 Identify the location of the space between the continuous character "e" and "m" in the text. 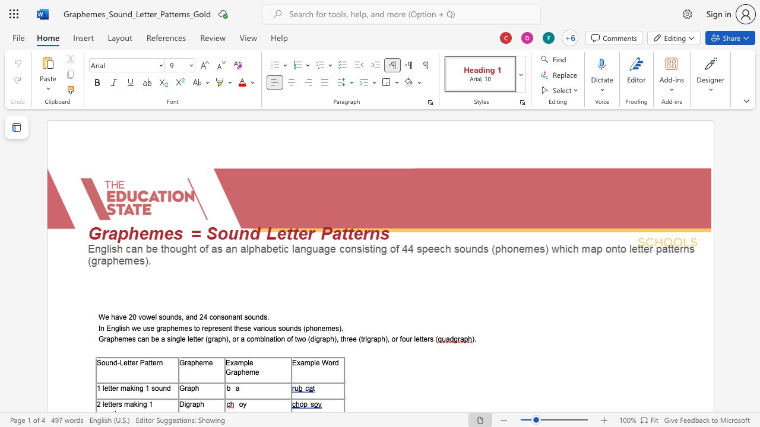
(326, 328).